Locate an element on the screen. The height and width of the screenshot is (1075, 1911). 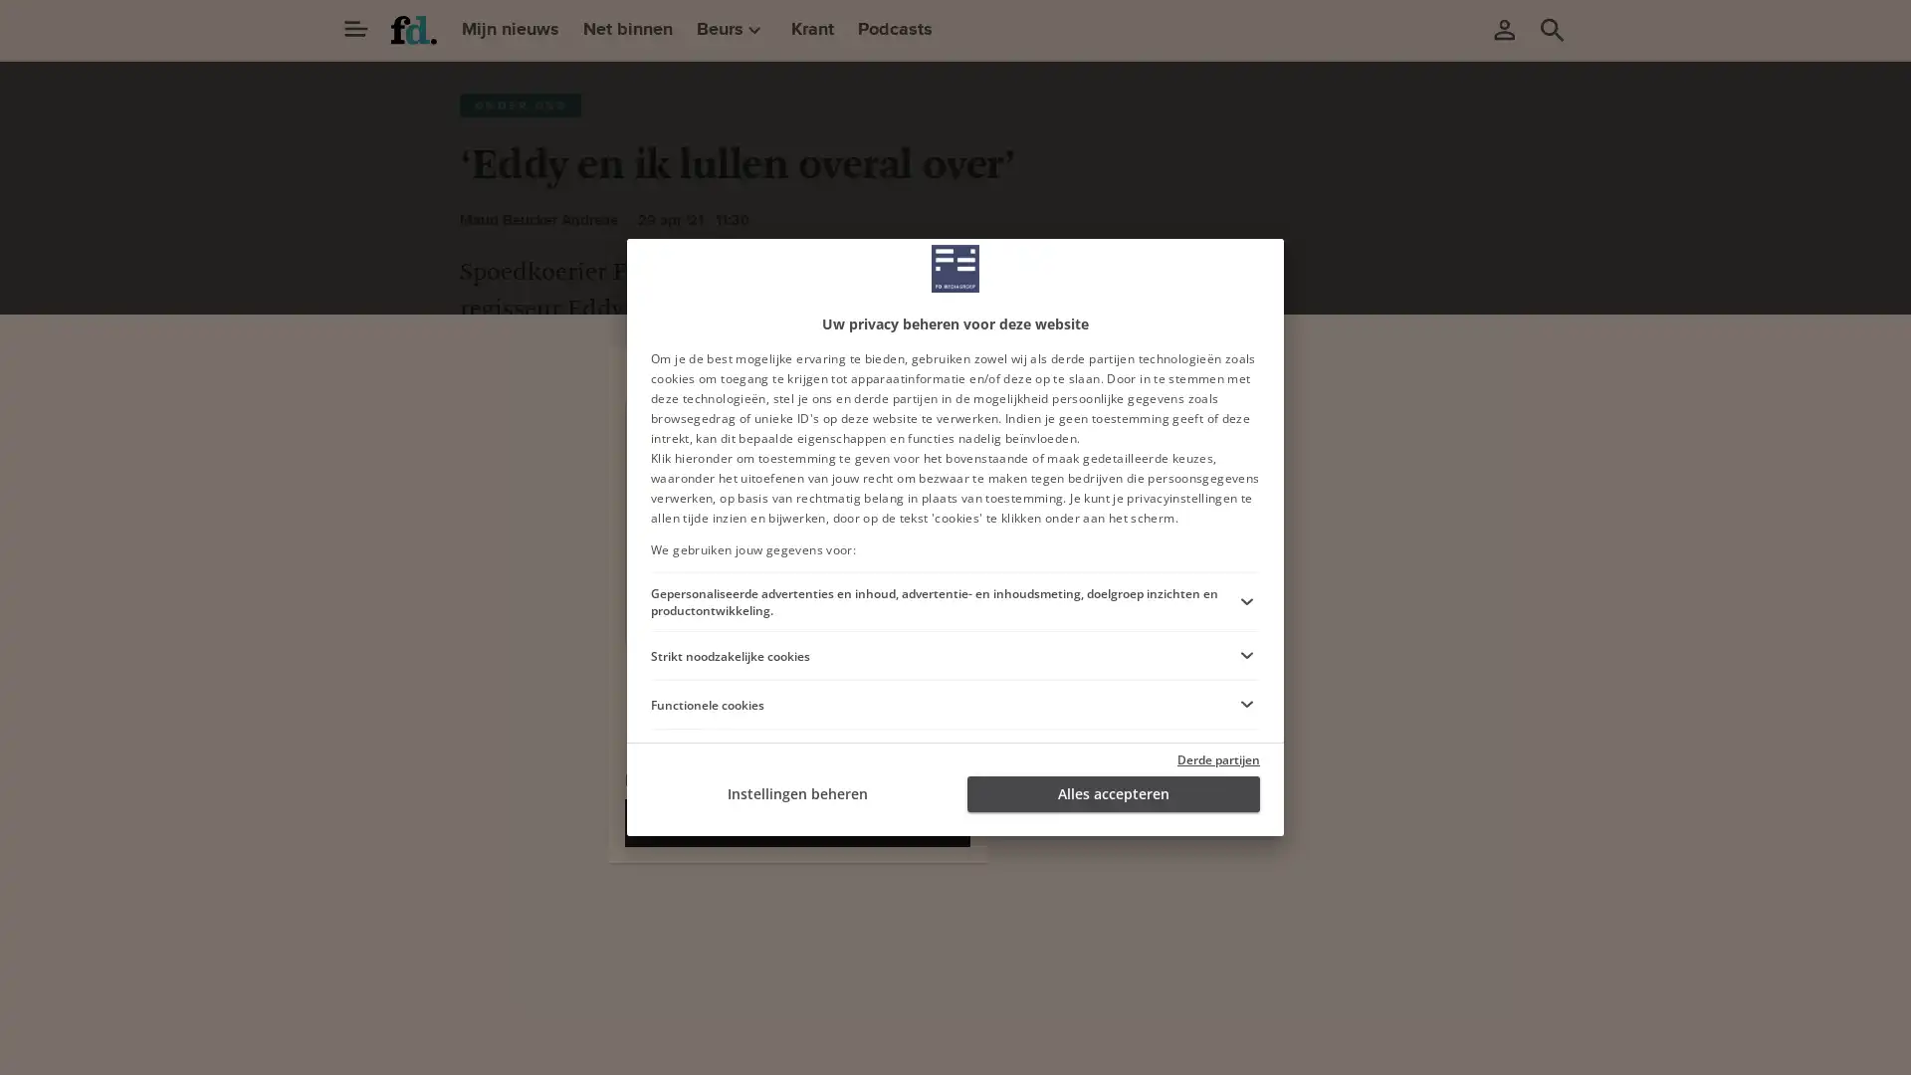
Ga verder is located at coordinates (797, 602).